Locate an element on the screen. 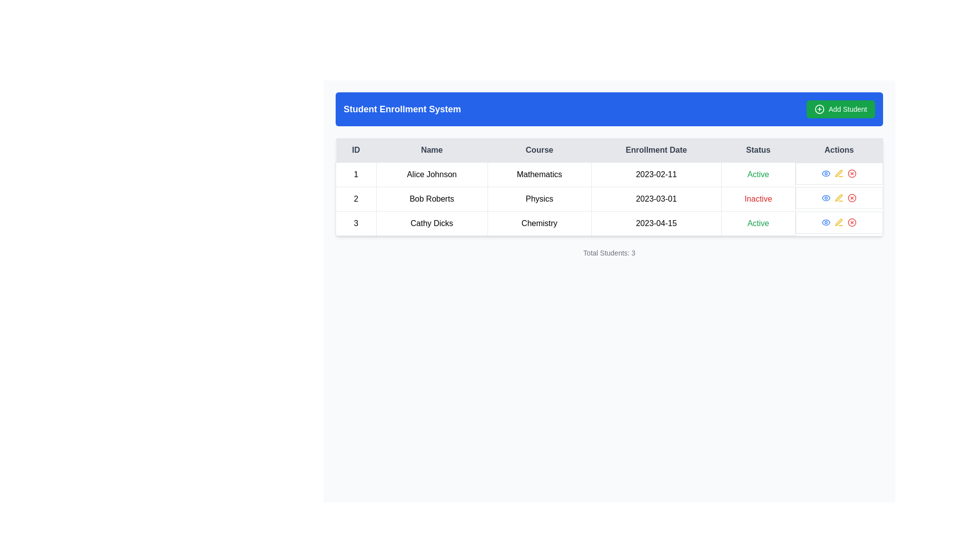 This screenshot has height=539, width=959. the static text field displaying the enrollment date for 'Cathy Dicks' in the fourth column of the table, located in the third row is located at coordinates (656, 223).